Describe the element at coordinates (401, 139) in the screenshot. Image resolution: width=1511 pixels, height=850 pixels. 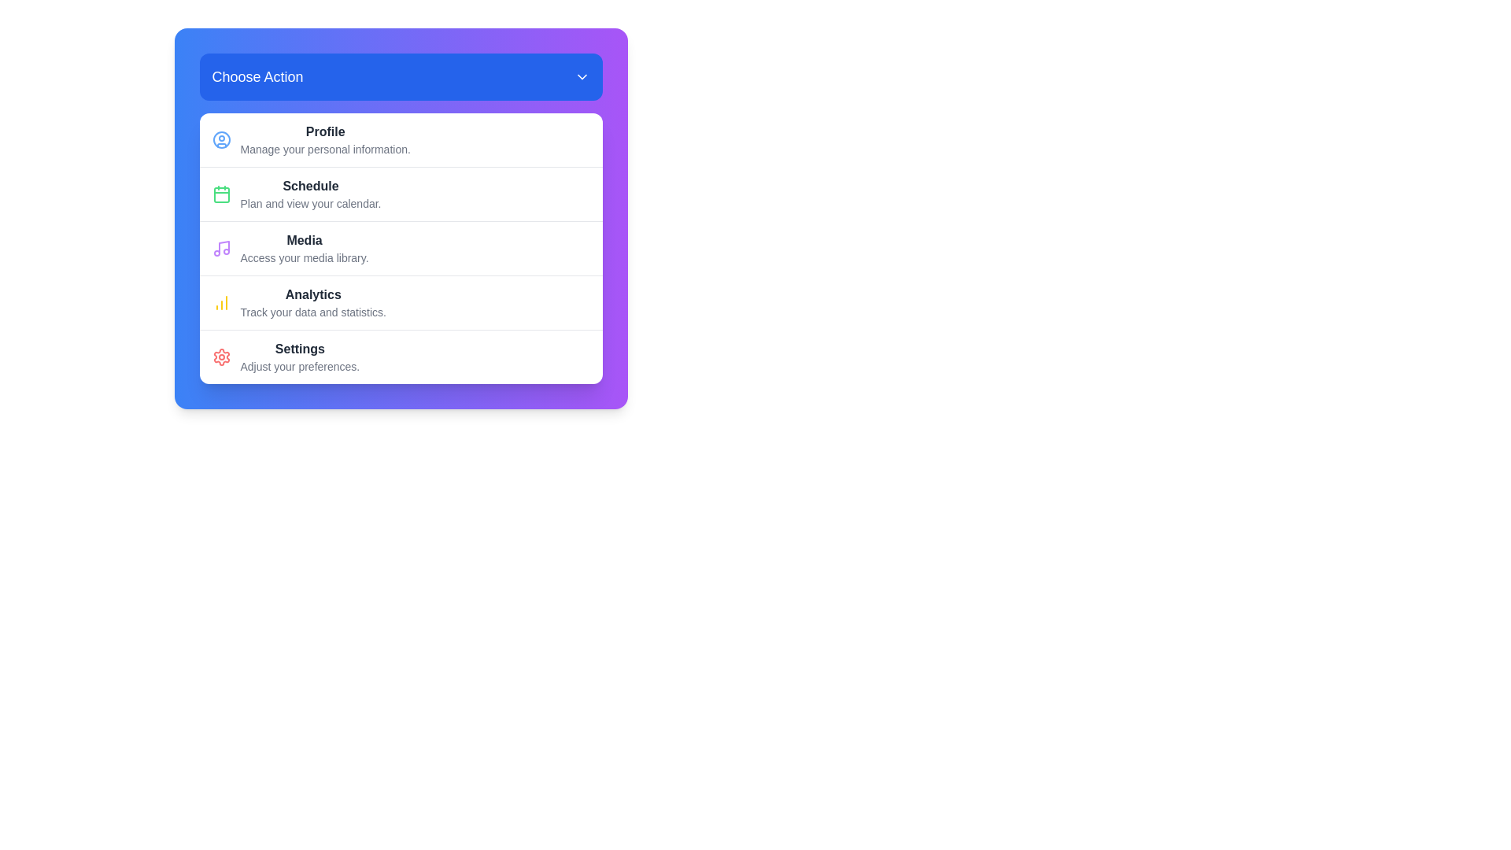
I see `the first list item in the modal that allows the user to manage personal information, positioned above options like 'Schedule' and 'Media'` at that location.